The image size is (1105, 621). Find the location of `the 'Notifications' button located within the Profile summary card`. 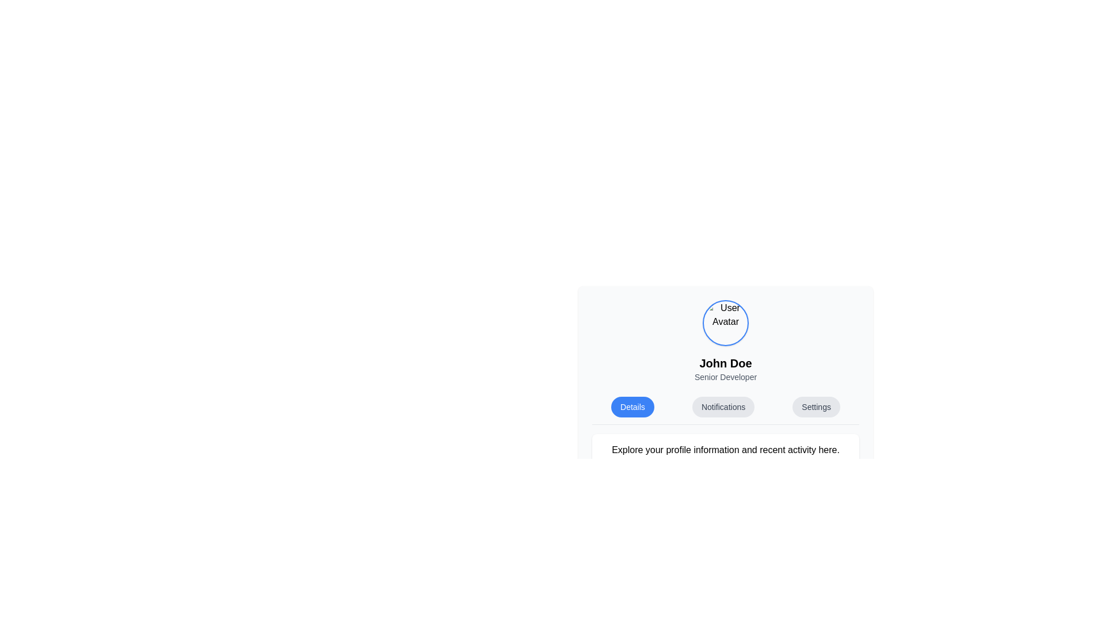

the 'Notifications' button located within the Profile summary card is located at coordinates (725, 383).